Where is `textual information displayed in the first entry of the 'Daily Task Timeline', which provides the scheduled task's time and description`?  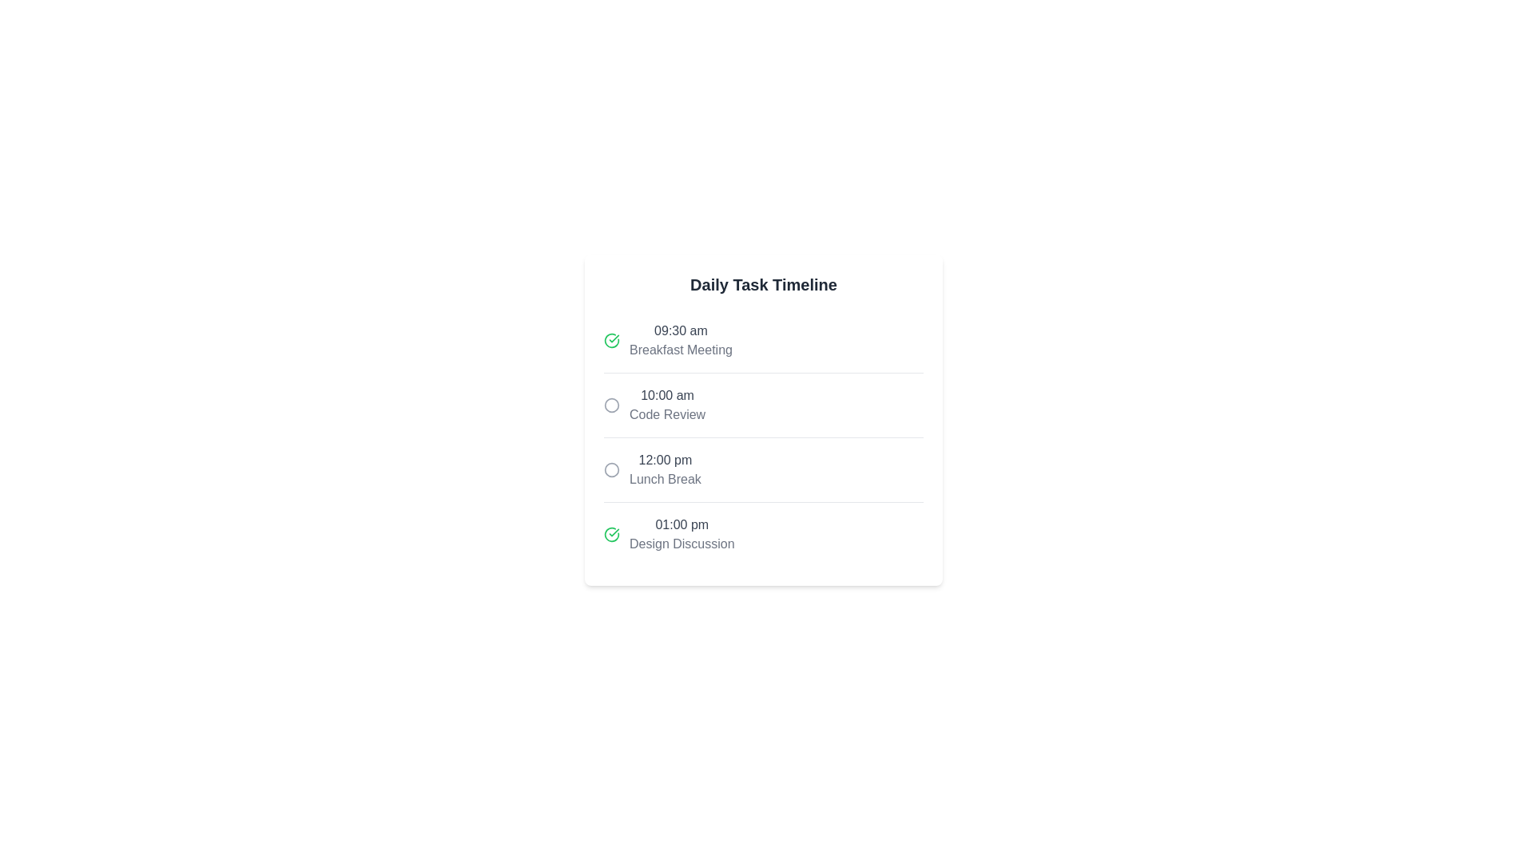
textual information displayed in the first entry of the 'Daily Task Timeline', which provides the scheduled task's time and description is located at coordinates (681, 340).